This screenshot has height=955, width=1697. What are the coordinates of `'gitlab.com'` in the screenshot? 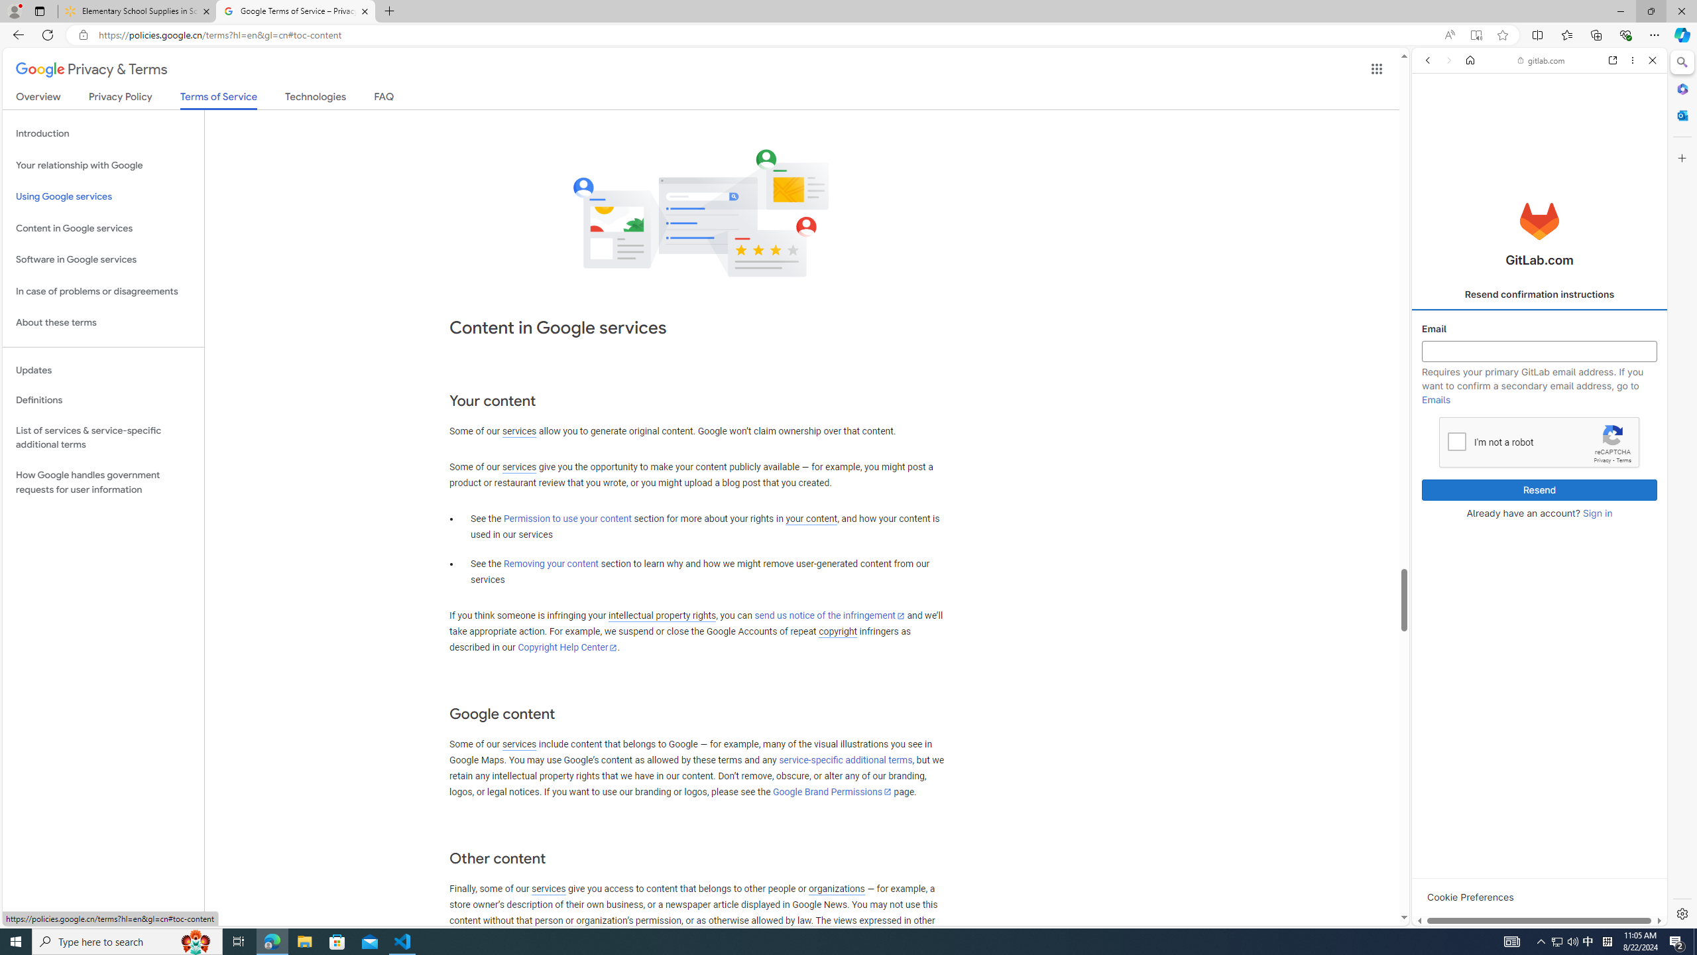 It's located at (1543, 60).